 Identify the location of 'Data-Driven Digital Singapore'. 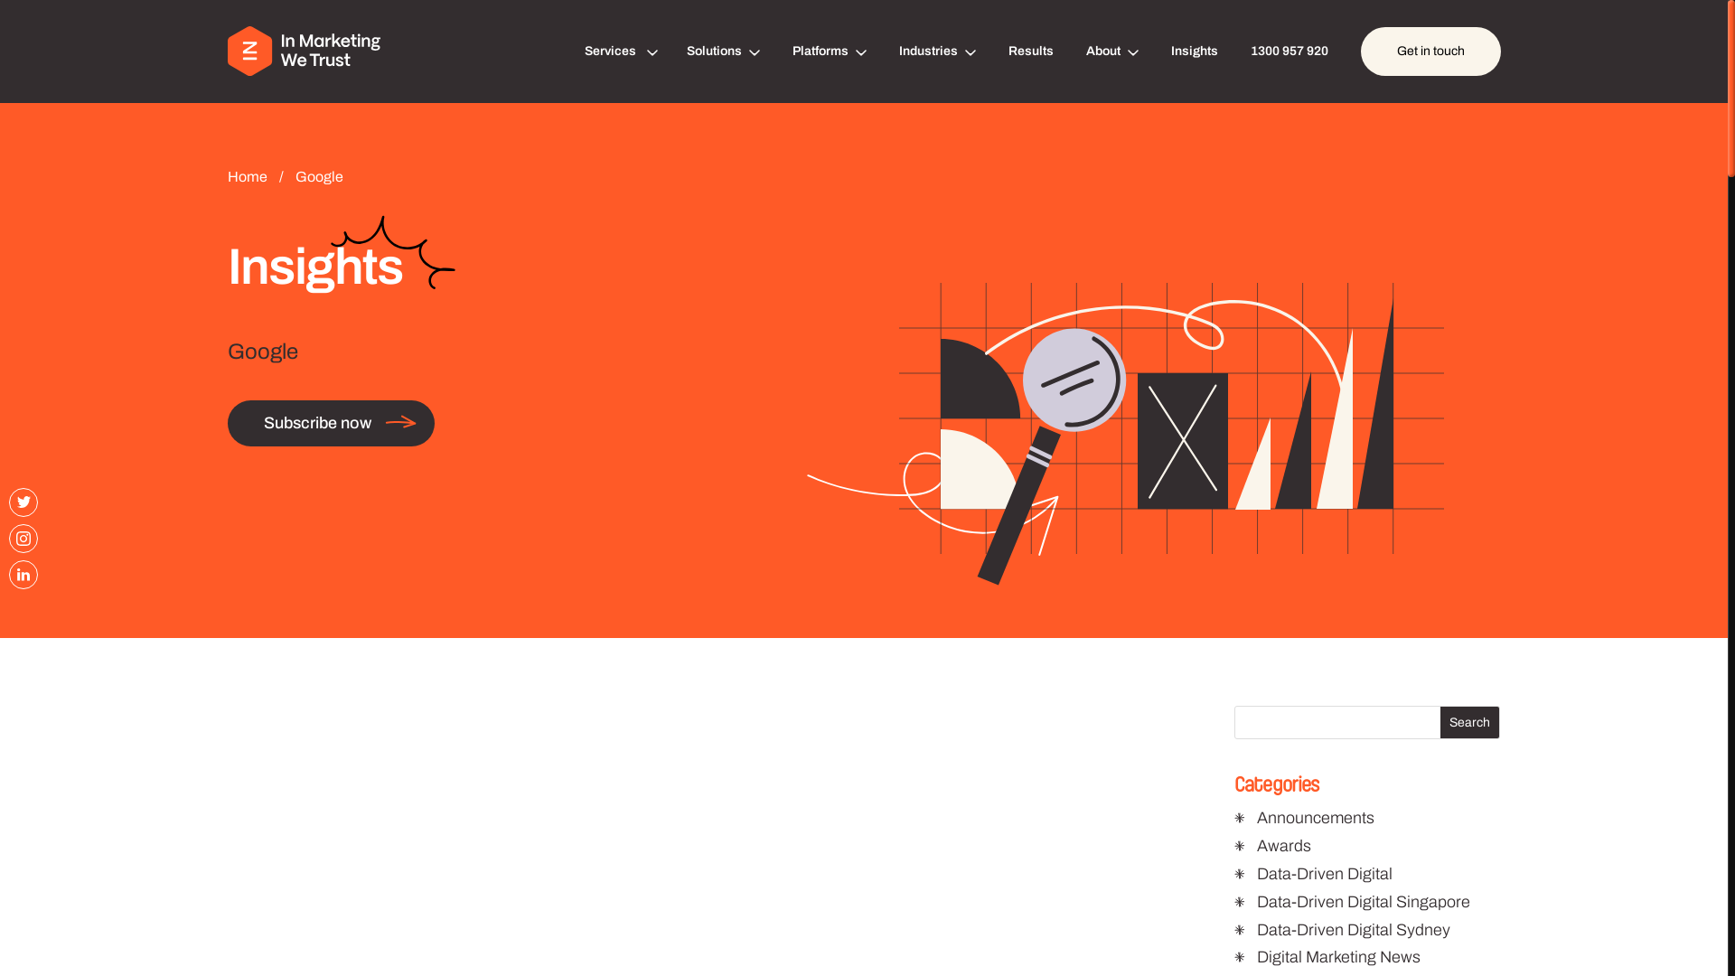
(1363, 902).